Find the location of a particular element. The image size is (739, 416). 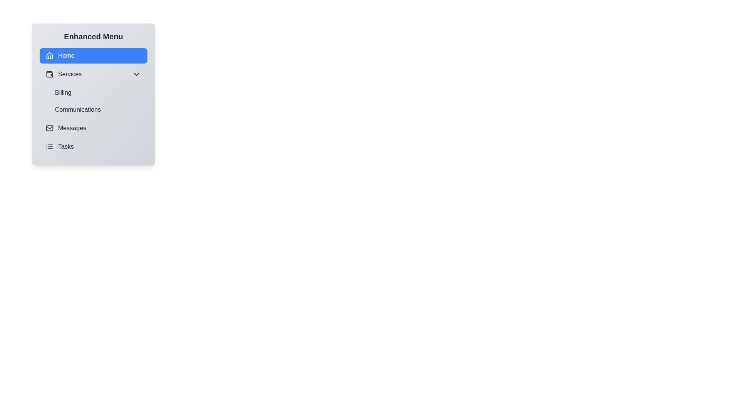

the 'Communications' menu item located below the 'Billing' label is located at coordinates (97, 110).